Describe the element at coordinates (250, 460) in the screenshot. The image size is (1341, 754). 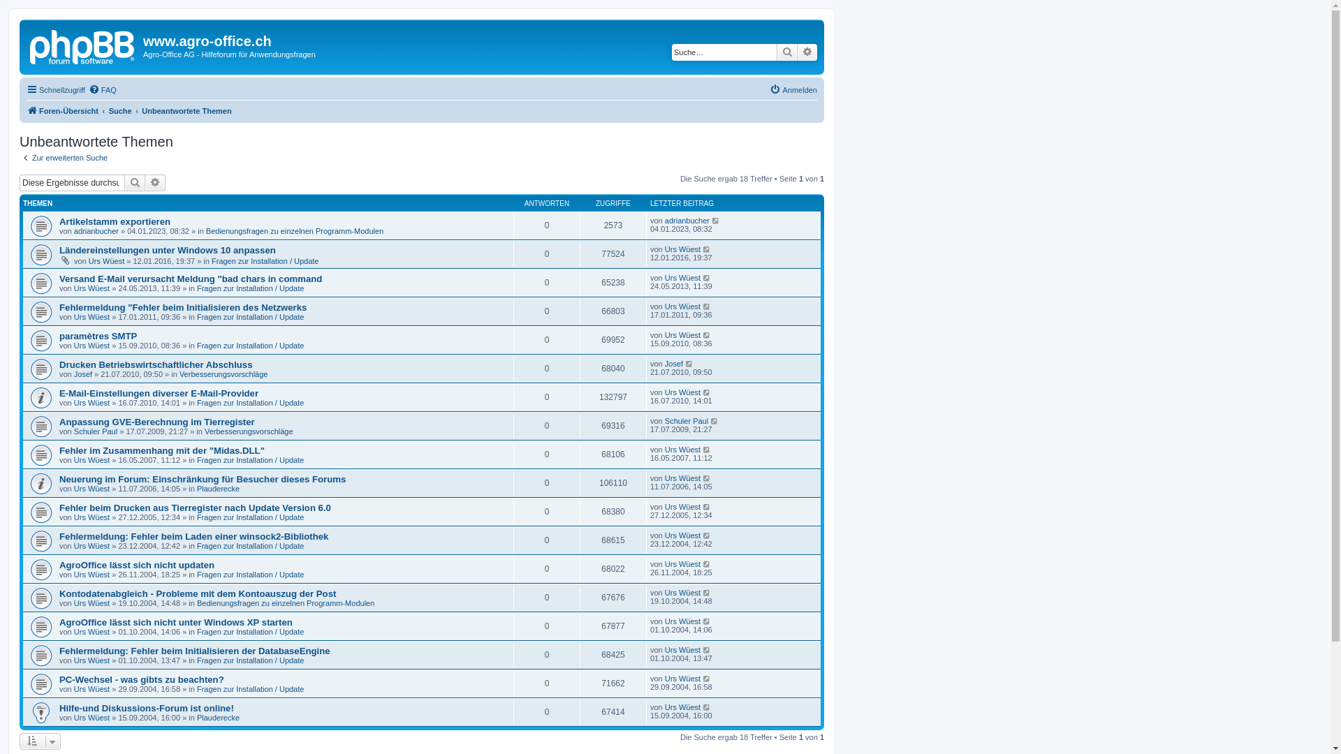
I see `'Fragen zur Installation / Update'` at that location.